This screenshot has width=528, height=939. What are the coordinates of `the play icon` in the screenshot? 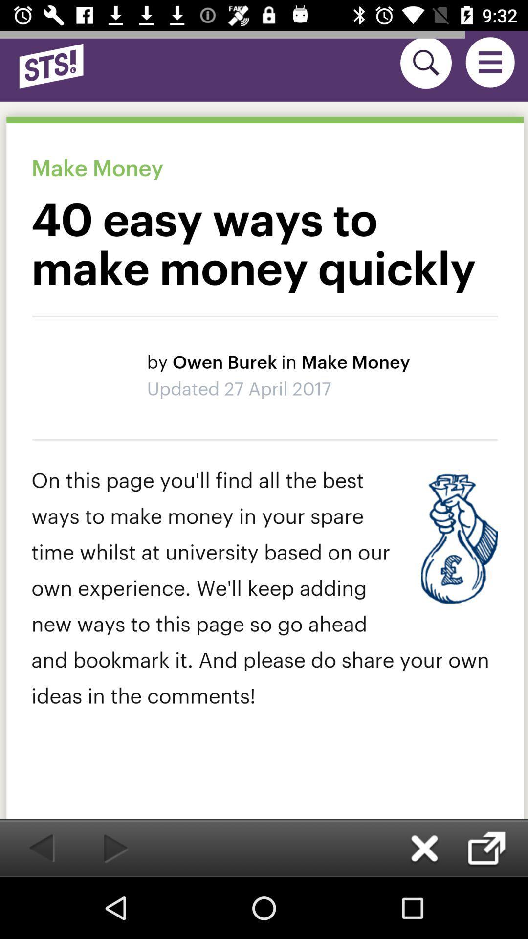 It's located at (100, 848).